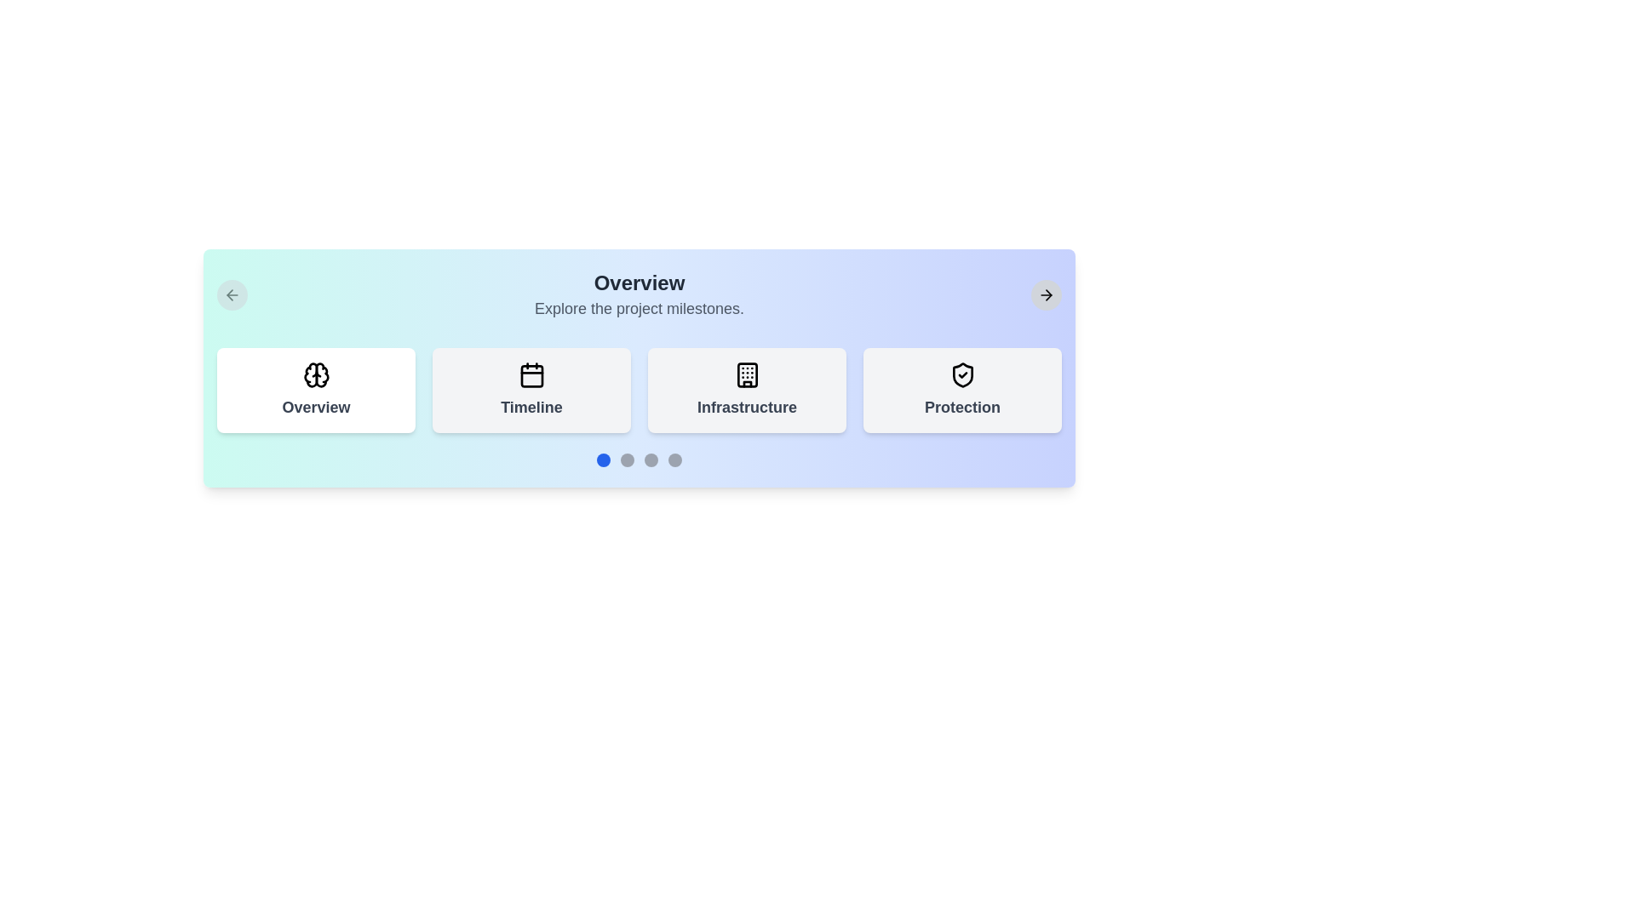 The height and width of the screenshot is (919, 1635). I want to click on the brain icon, which is centered within the rounded rectangular 'Overview' button, featuring a black outline on a white background, so click(316, 374).